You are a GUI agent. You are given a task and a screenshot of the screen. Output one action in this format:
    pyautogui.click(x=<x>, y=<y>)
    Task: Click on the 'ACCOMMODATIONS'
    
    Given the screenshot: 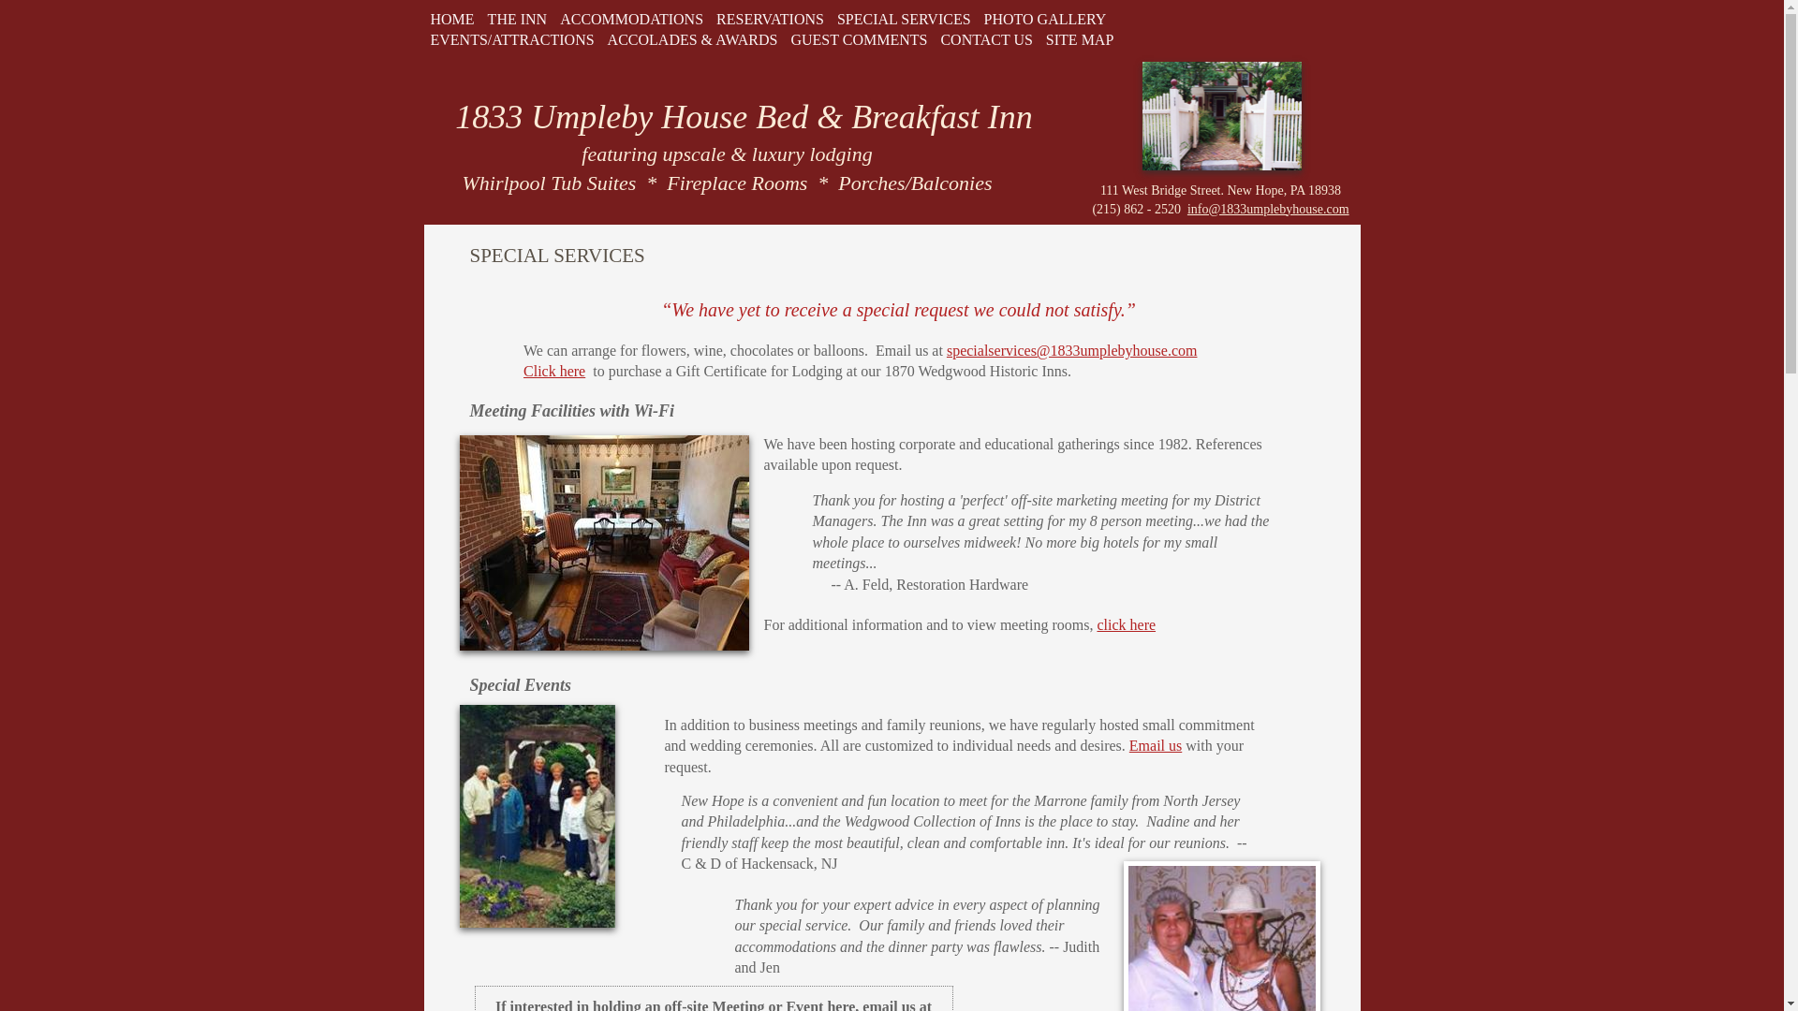 What is the action you would take?
    pyautogui.click(x=631, y=19)
    